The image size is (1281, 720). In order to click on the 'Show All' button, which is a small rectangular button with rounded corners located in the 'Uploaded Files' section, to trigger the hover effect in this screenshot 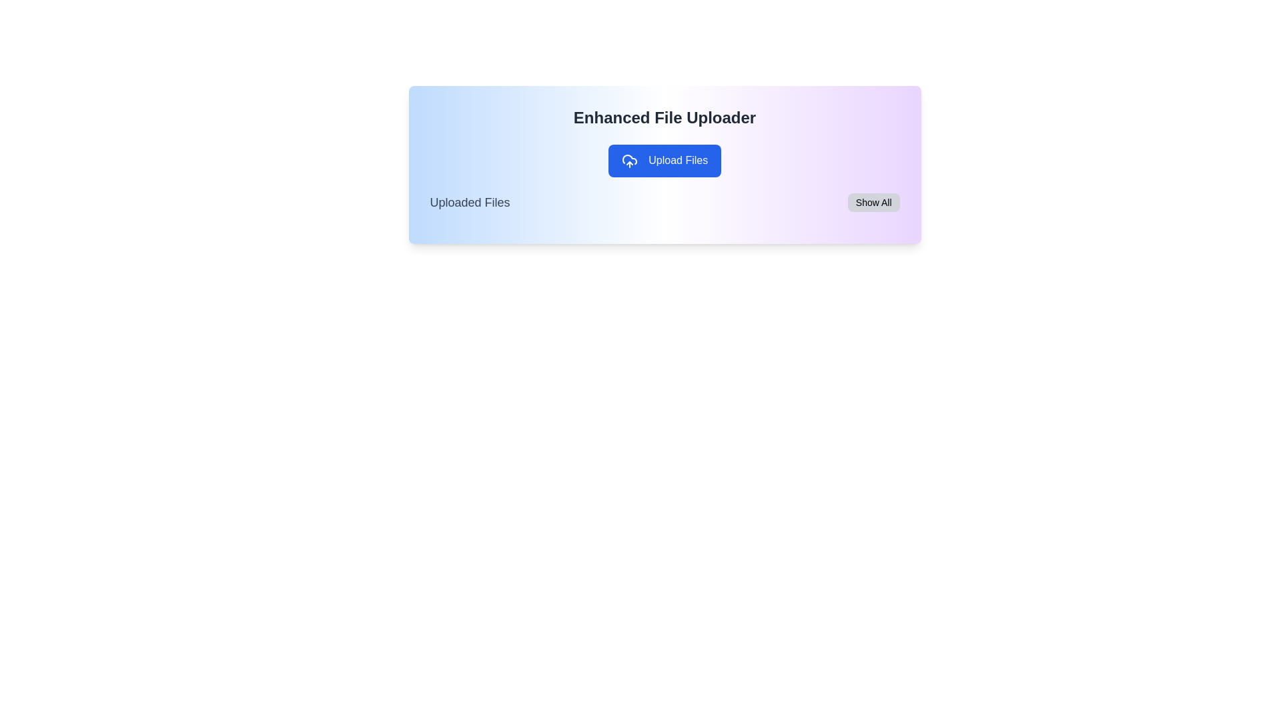, I will do `click(873, 202)`.